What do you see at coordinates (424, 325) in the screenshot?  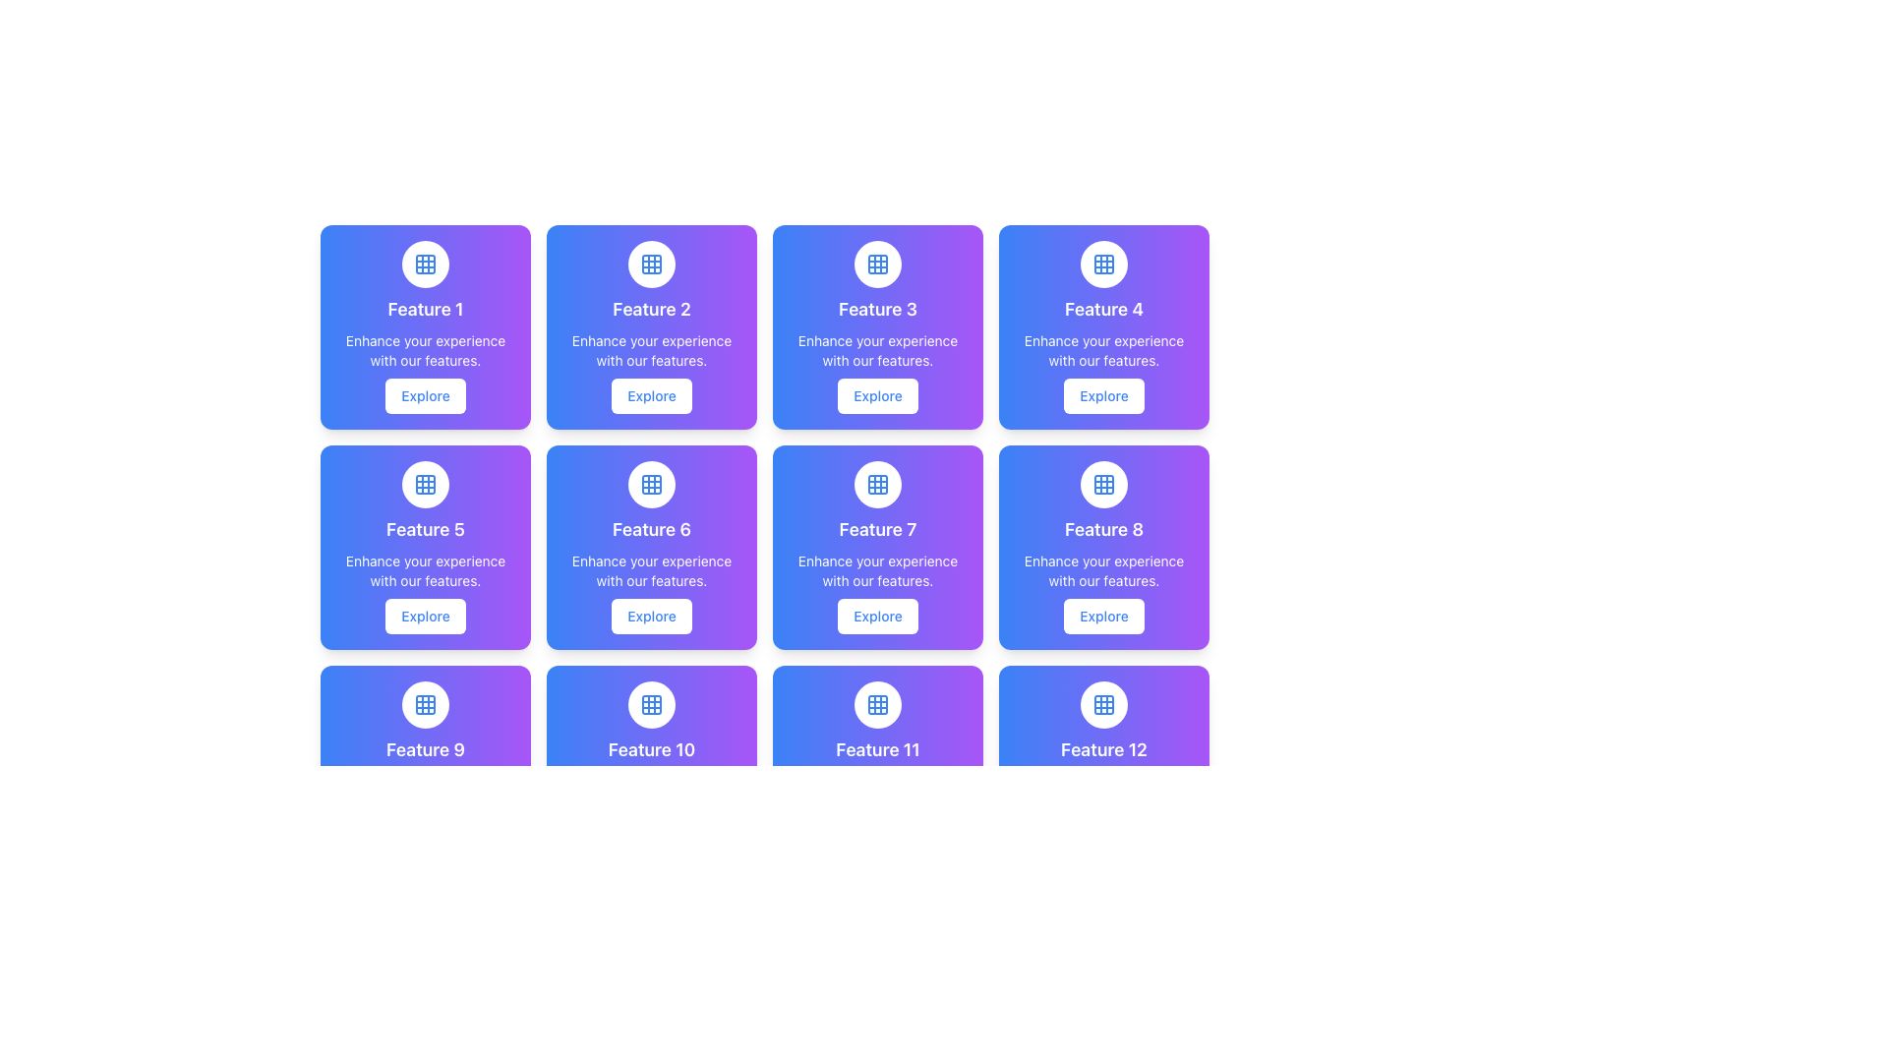 I see `the feature description card located in the upper-left corner of the grid layout by moving the cursor to its center point` at bounding box center [424, 325].